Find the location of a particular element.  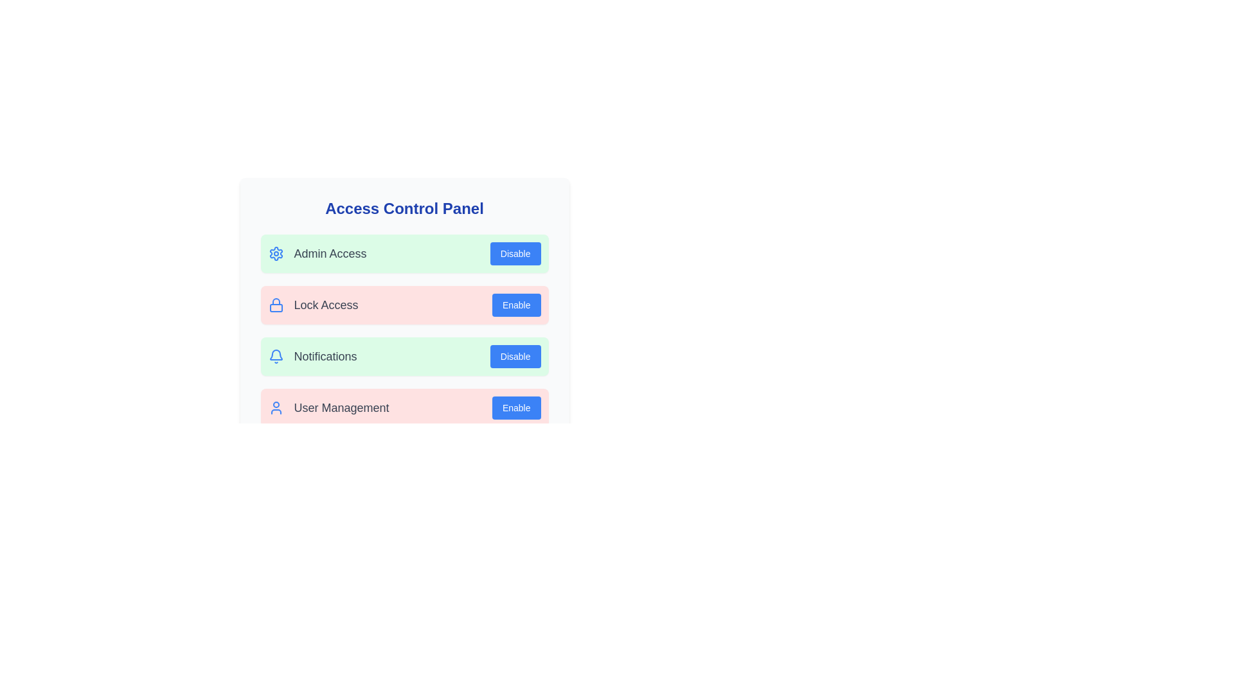

the button labeled Enable User Management is located at coordinates (515, 408).